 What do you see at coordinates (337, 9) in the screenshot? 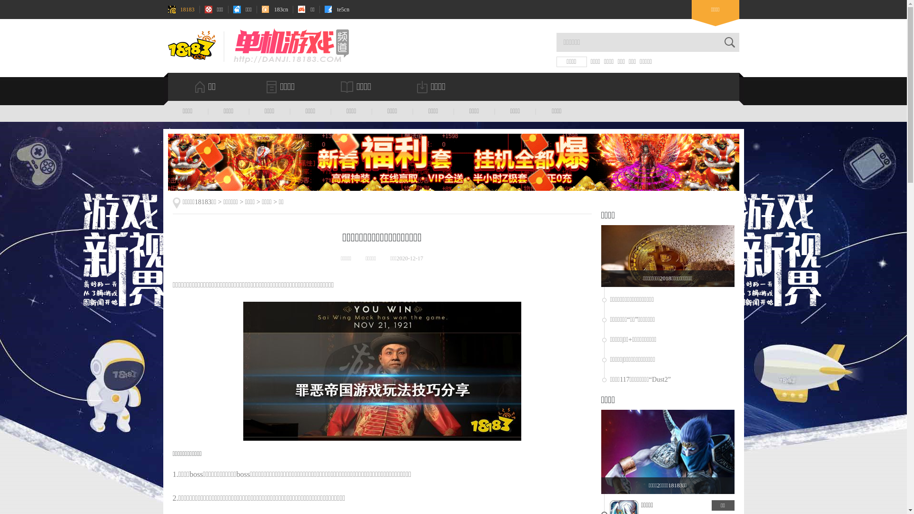
I see `'te5cn'` at bounding box center [337, 9].